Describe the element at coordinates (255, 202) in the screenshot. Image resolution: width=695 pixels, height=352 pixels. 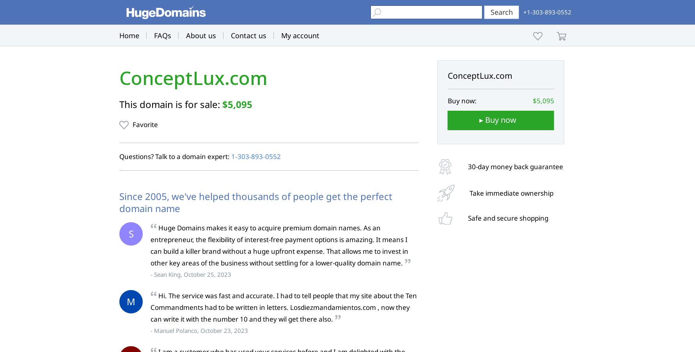
I see `'Since 2005, we've helped thousands of people get the perfect domain name'` at that location.